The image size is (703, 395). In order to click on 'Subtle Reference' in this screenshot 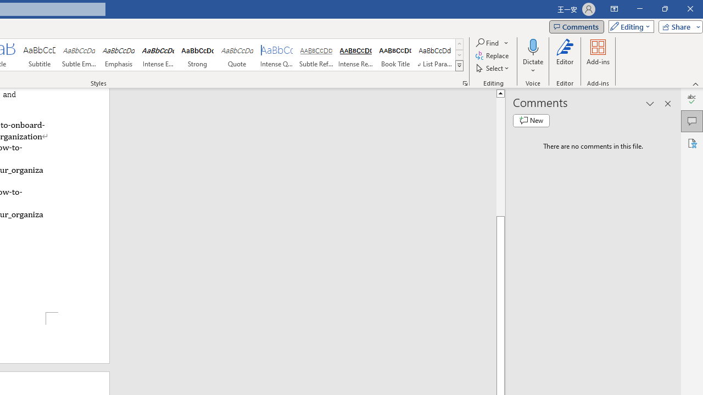, I will do `click(316, 55)`.